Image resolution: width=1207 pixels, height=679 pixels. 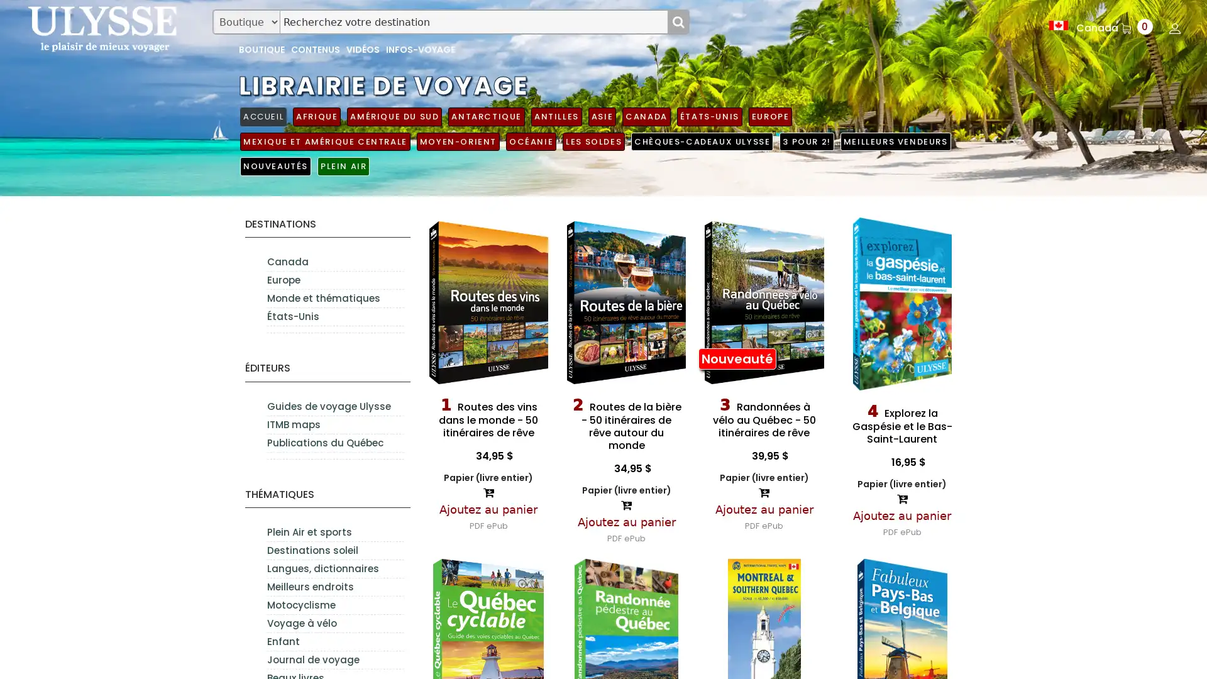 What do you see at coordinates (702, 141) in the screenshot?
I see `CHEQUES-CADEAUX ULYSSE` at bounding box center [702, 141].